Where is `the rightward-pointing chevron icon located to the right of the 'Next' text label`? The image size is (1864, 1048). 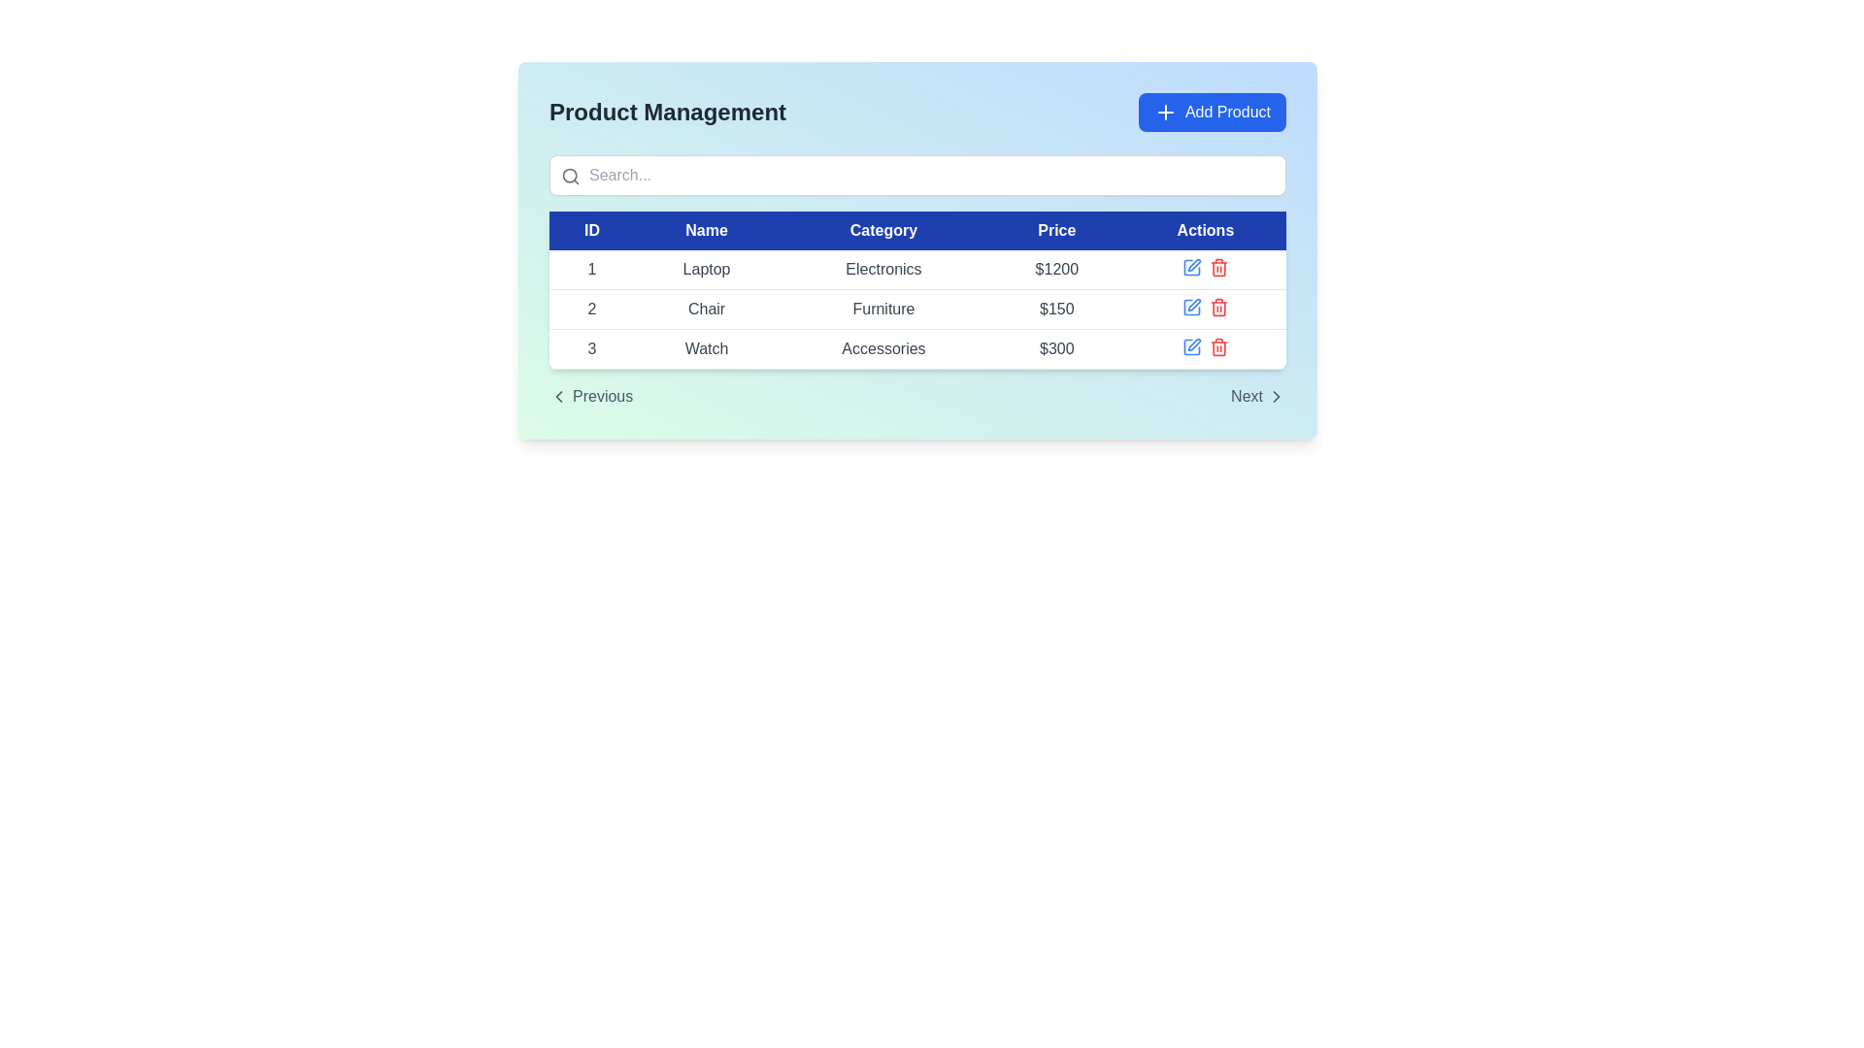 the rightward-pointing chevron icon located to the right of the 'Next' text label is located at coordinates (1277, 395).